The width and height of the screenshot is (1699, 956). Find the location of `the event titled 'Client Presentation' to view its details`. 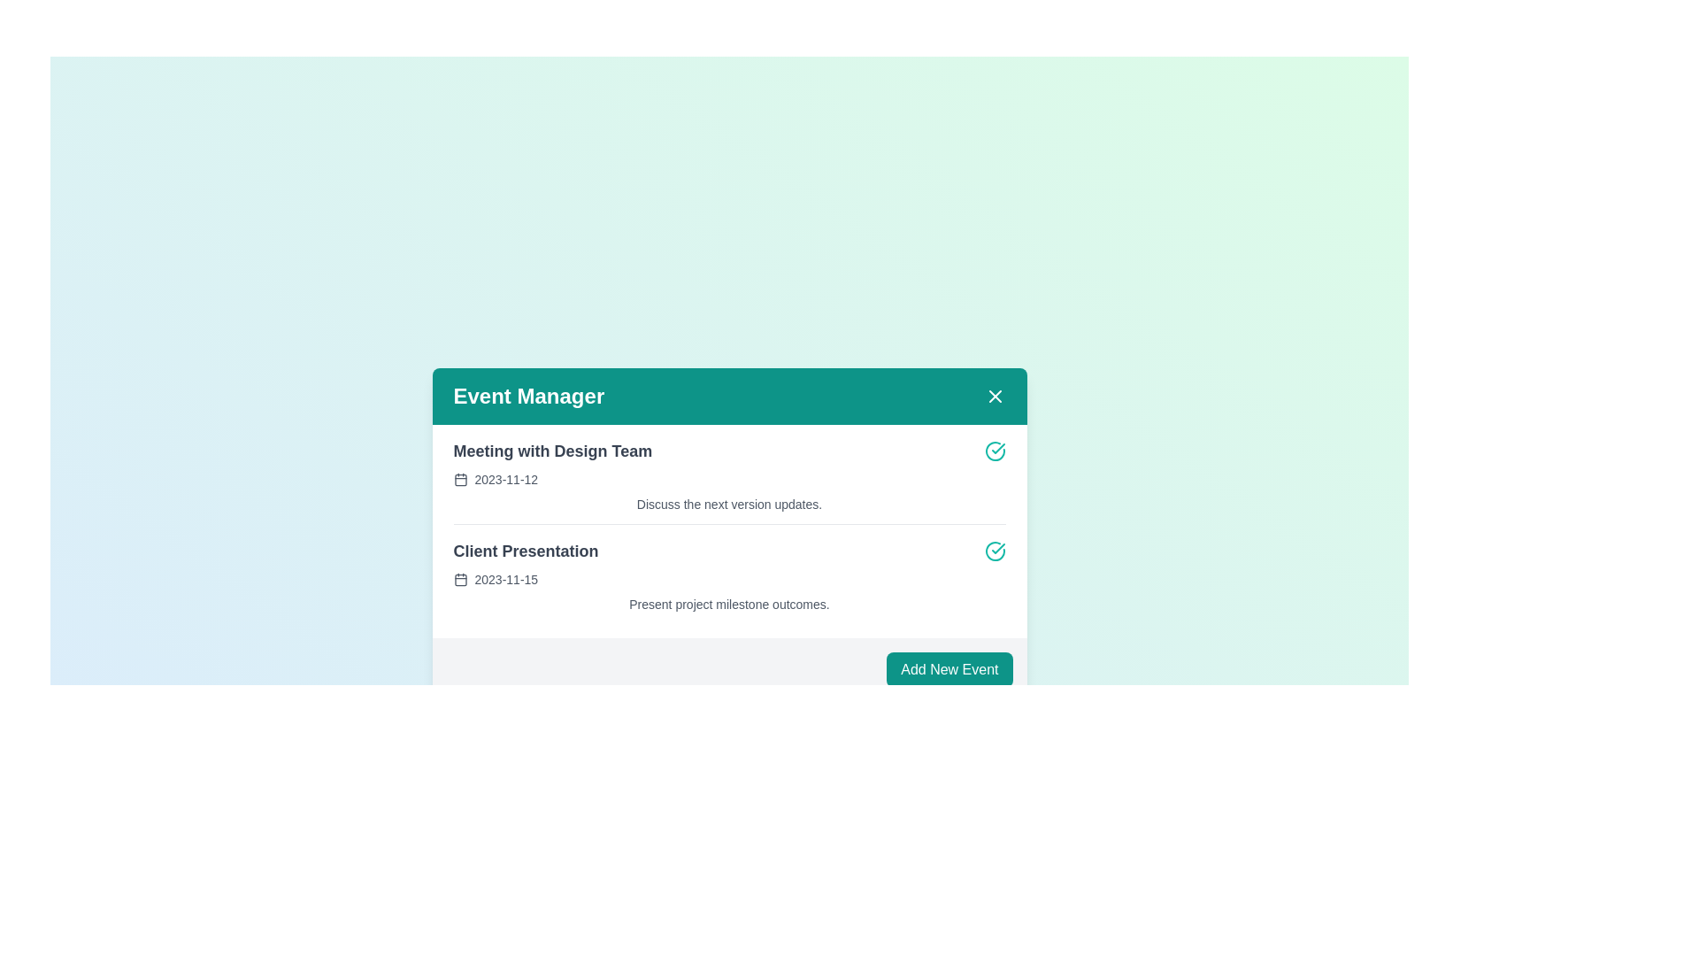

the event titled 'Client Presentation' to view its details is located at coordinates (525, 550).